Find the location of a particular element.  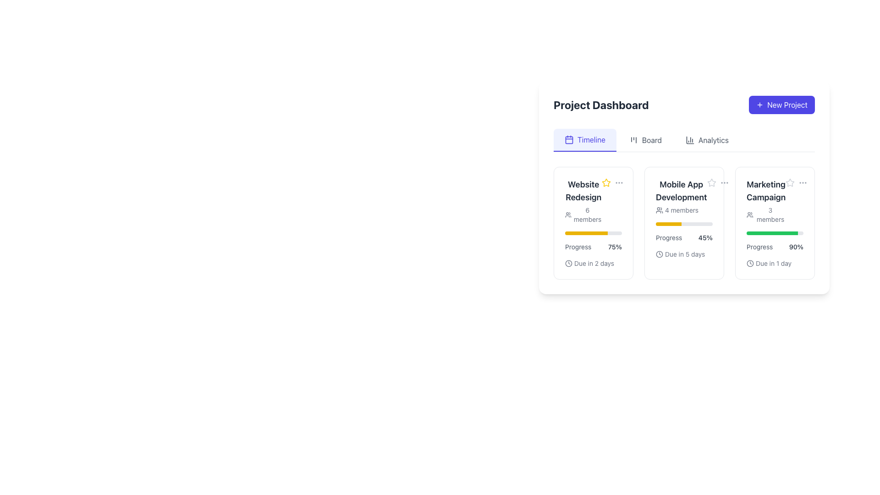

the SVG icon representing a kanban board layout is located at coordinates (633, 140).